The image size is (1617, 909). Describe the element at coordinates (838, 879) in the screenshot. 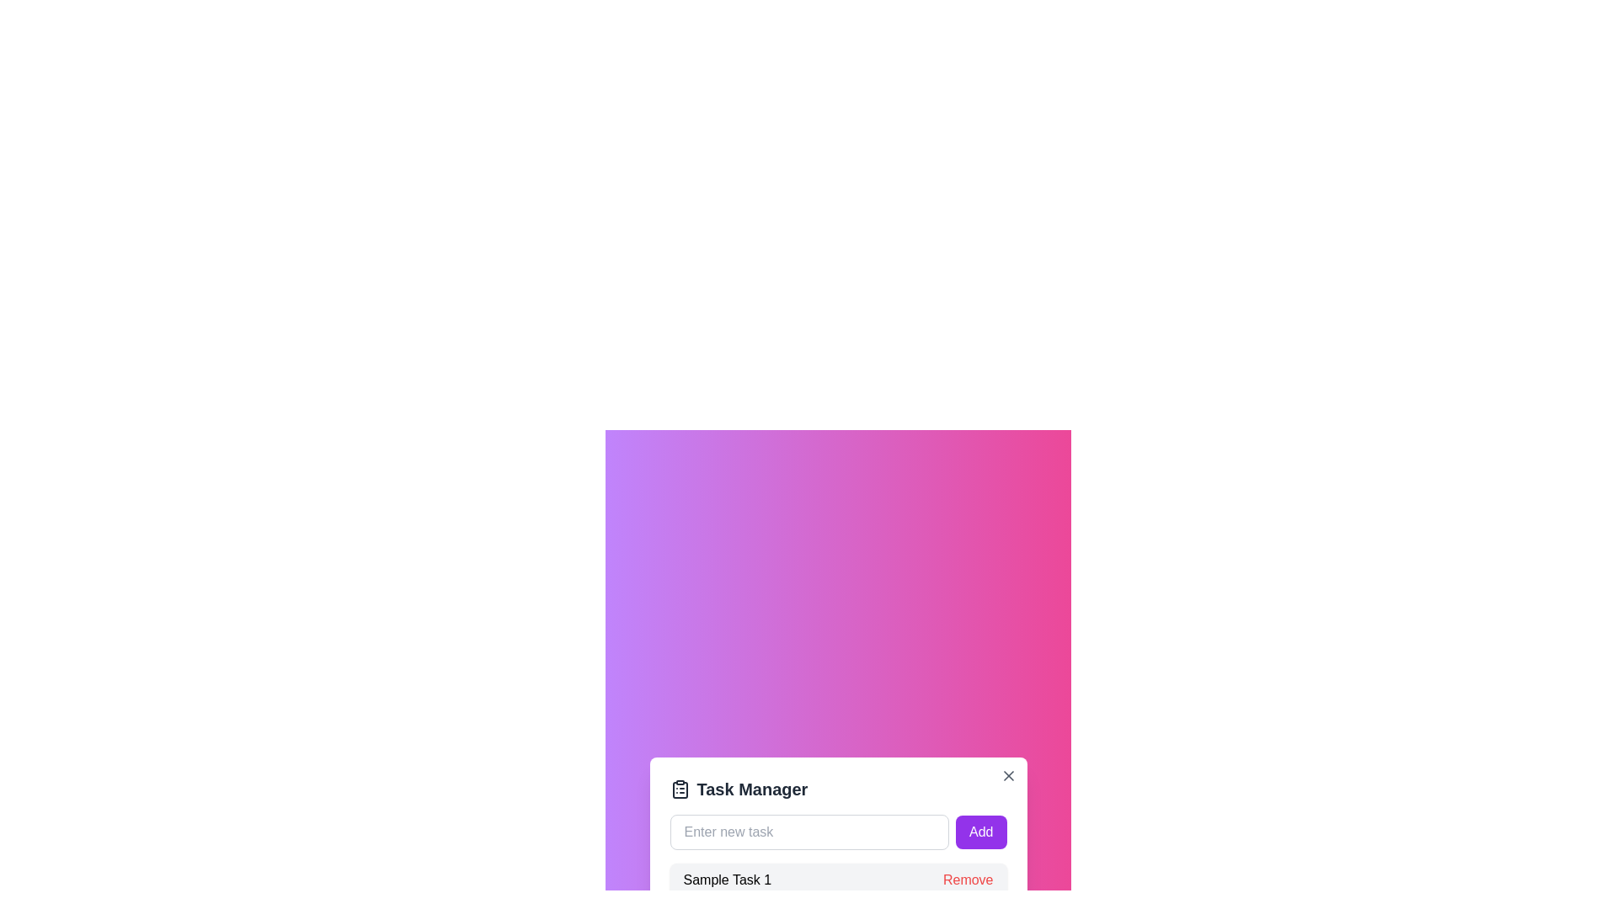

I see `task name from the first item in the task manager list, which includes a 'Remove' button for deletion` at that location.